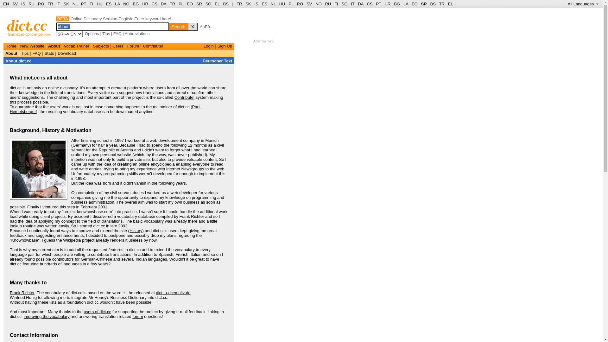  What do you see at coordinates (11, 46) in the screenshot?
I see `'Home'` at bounding box center [11, 46].